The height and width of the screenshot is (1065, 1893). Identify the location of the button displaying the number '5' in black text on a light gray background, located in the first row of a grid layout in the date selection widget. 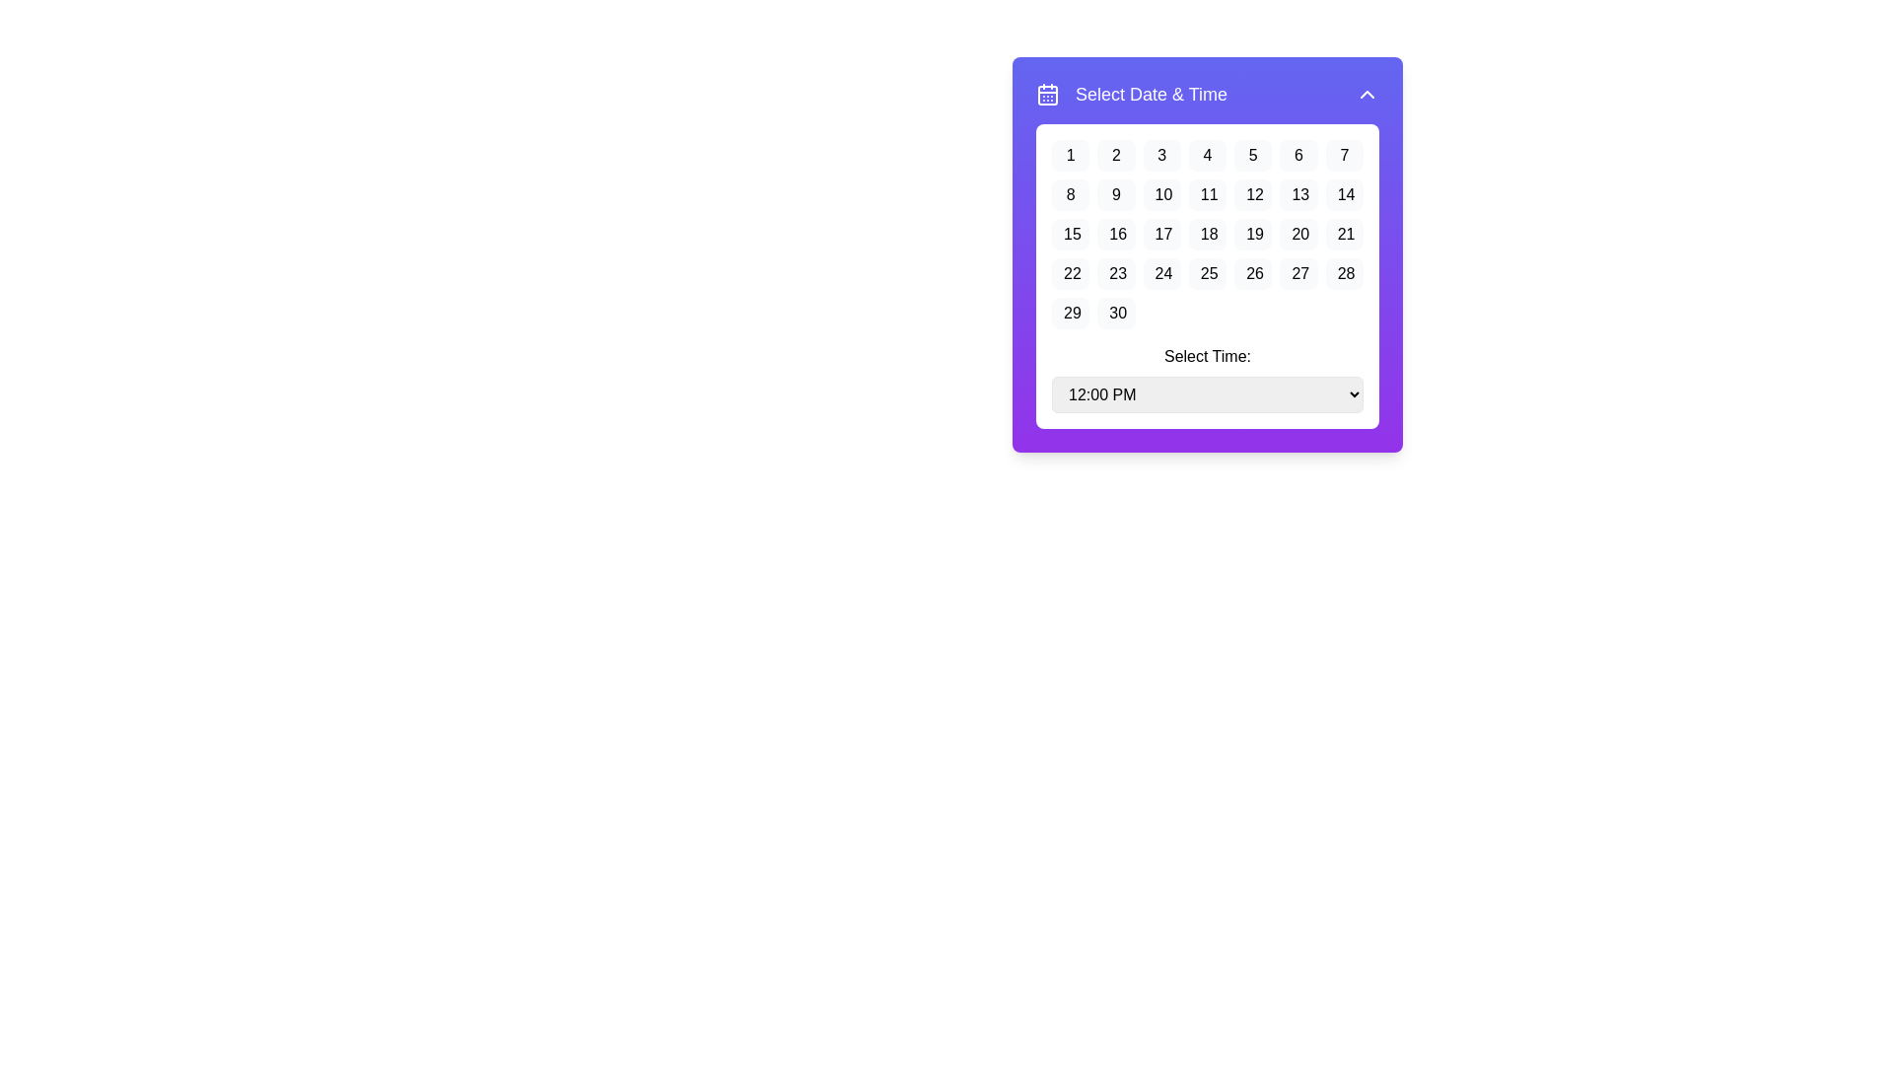
(1252, 155).